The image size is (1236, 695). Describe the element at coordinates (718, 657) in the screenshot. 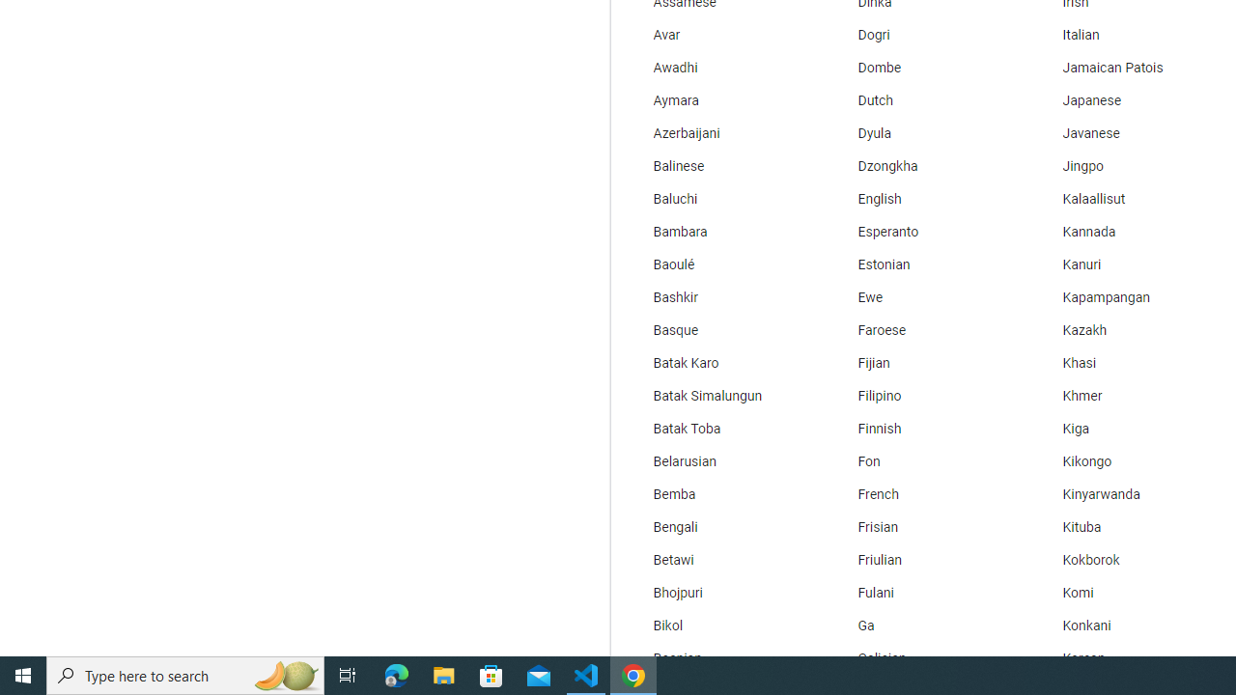

I see `'Bosnian'` at that location.